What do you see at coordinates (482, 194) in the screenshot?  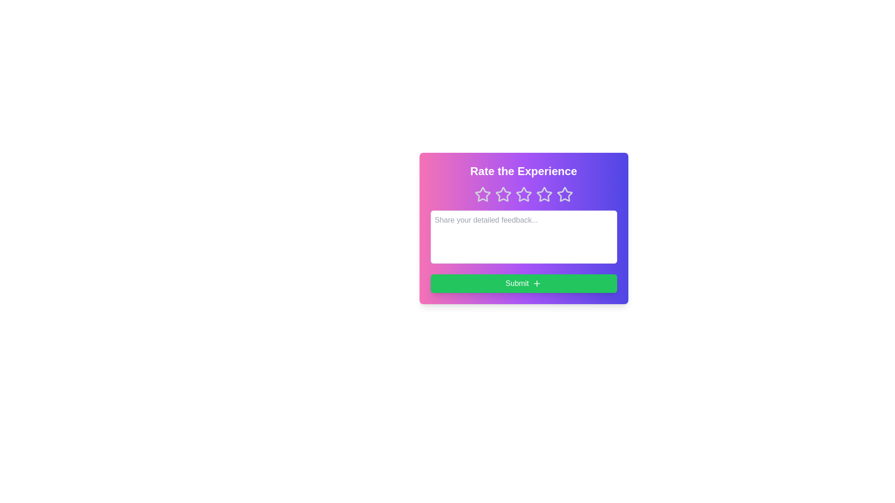 I see `the star corresponding to 1 to preview the rating` at bounding box center [482, 194].